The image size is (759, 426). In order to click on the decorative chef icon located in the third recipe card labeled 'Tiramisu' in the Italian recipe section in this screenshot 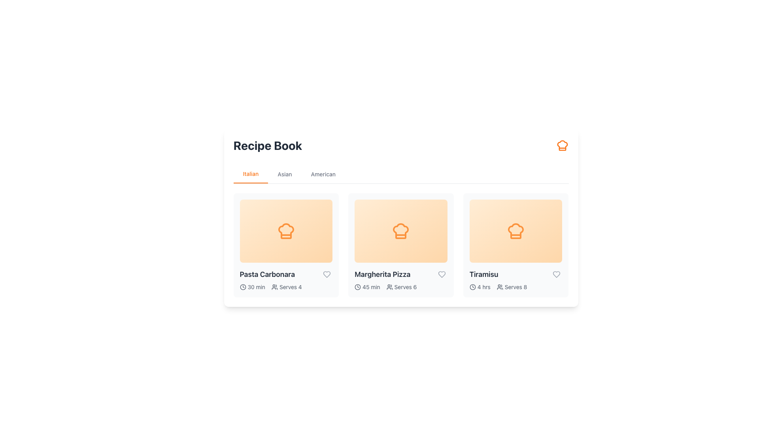, I will do `click(516, 231)`.